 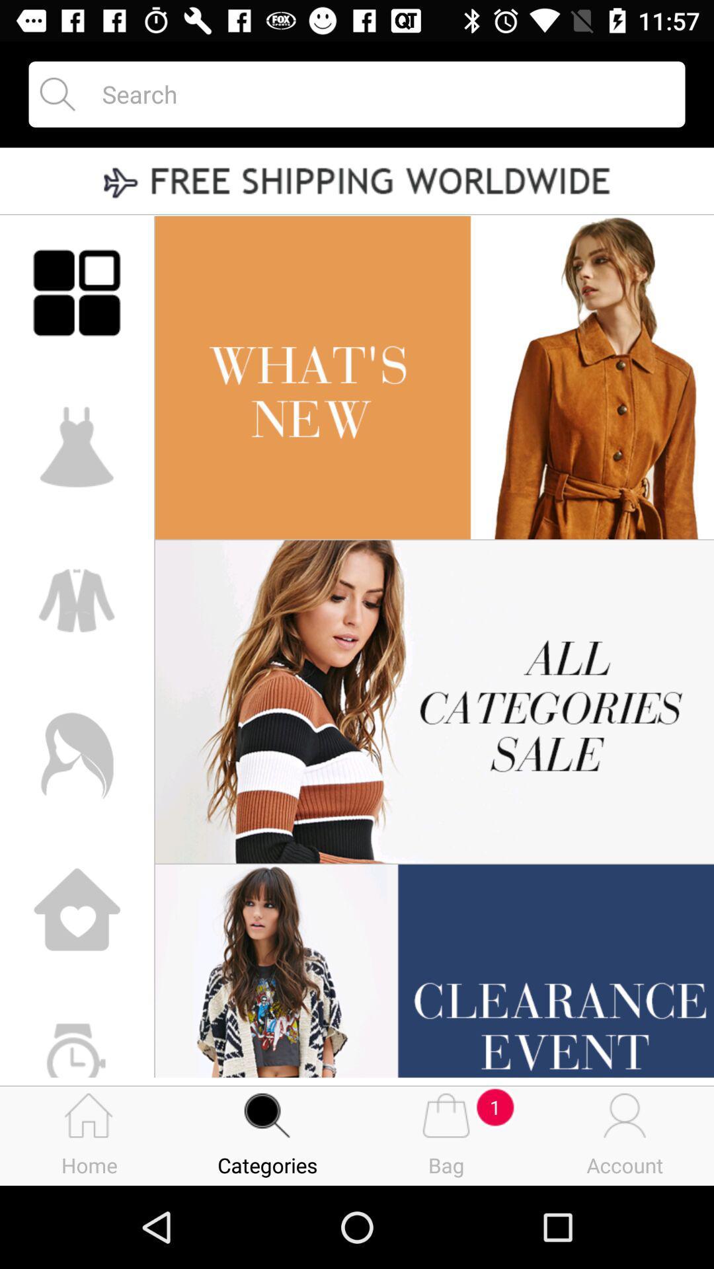 I want to click on search, so click(x=381, y=93).